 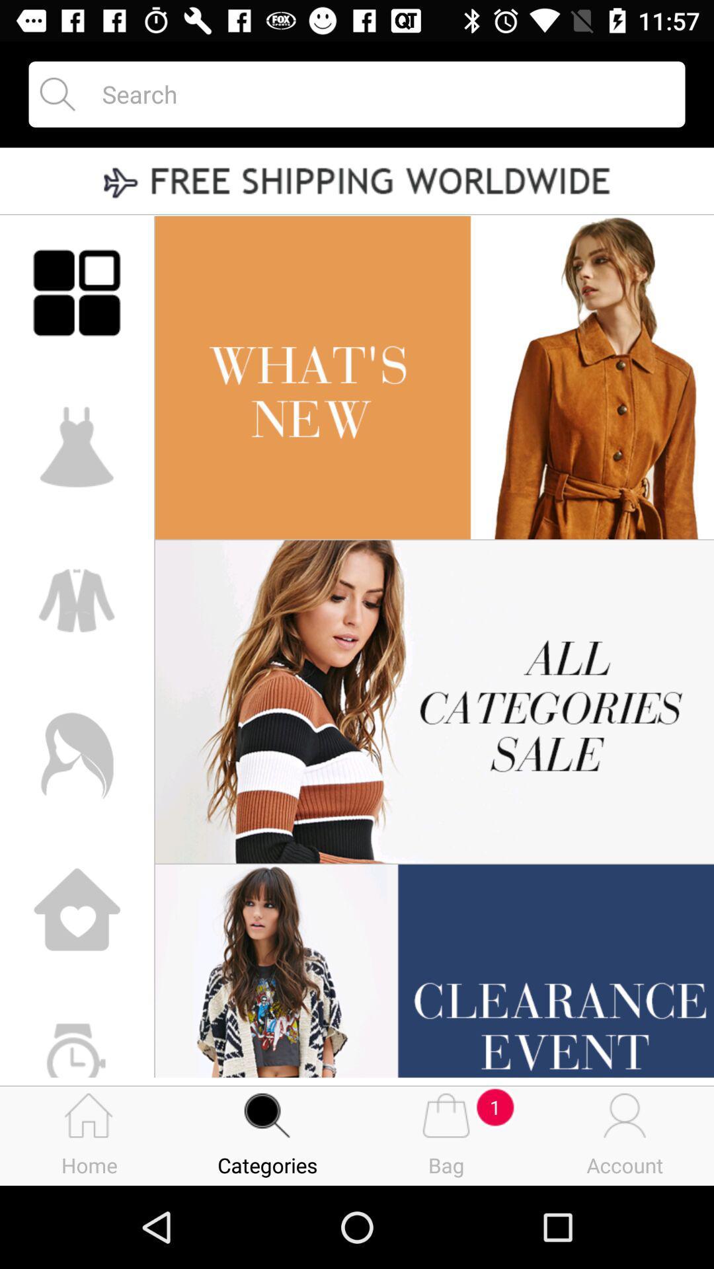 I want to click on search, so click(x=381, y=93).